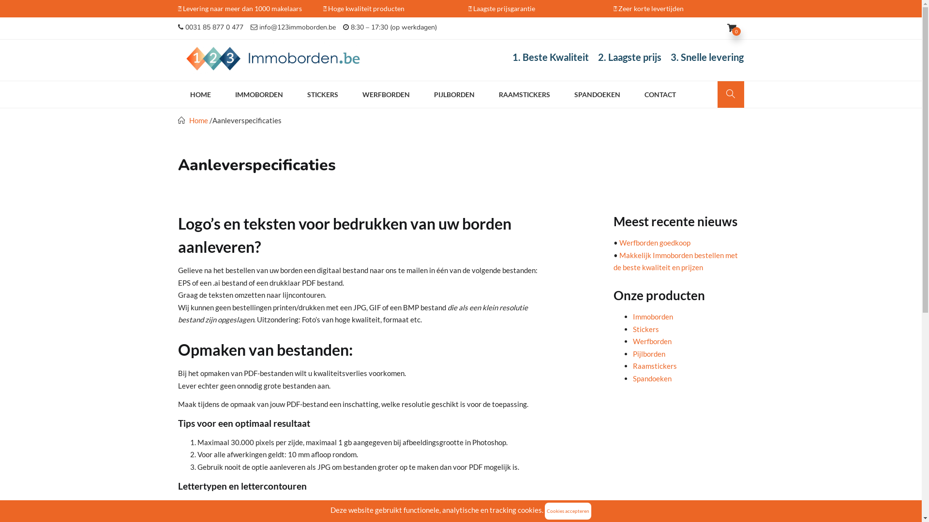  Describe the element at coordinates (568, 510) in the screenshot. I see `'Cookies accepteren'` at that location.